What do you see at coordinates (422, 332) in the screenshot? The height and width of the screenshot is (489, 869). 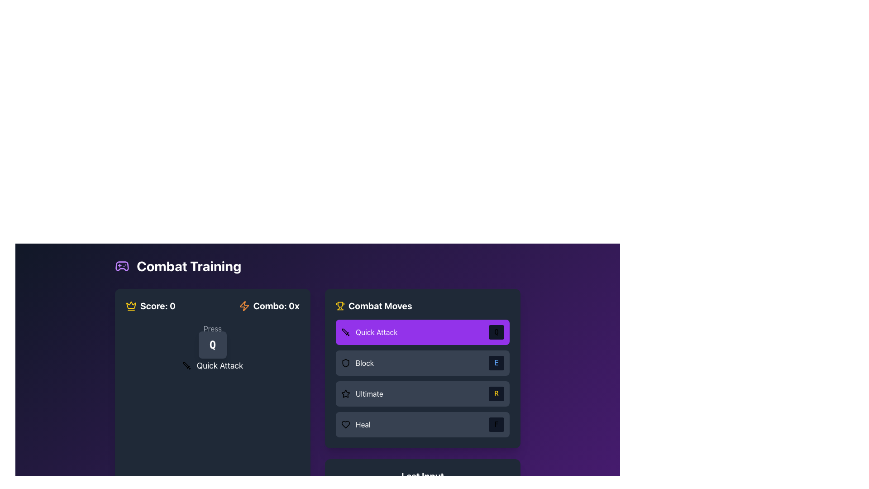 I see `the 'Quick Attack' button, which is the first element in the vertical list under the 'Combat Moves' section` at bounding box center [422, 332].